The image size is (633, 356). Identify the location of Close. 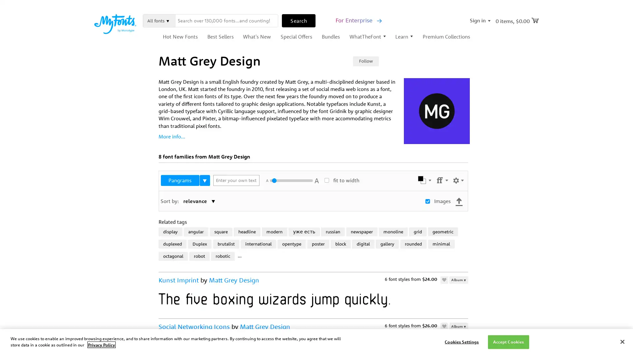
(622, 341).